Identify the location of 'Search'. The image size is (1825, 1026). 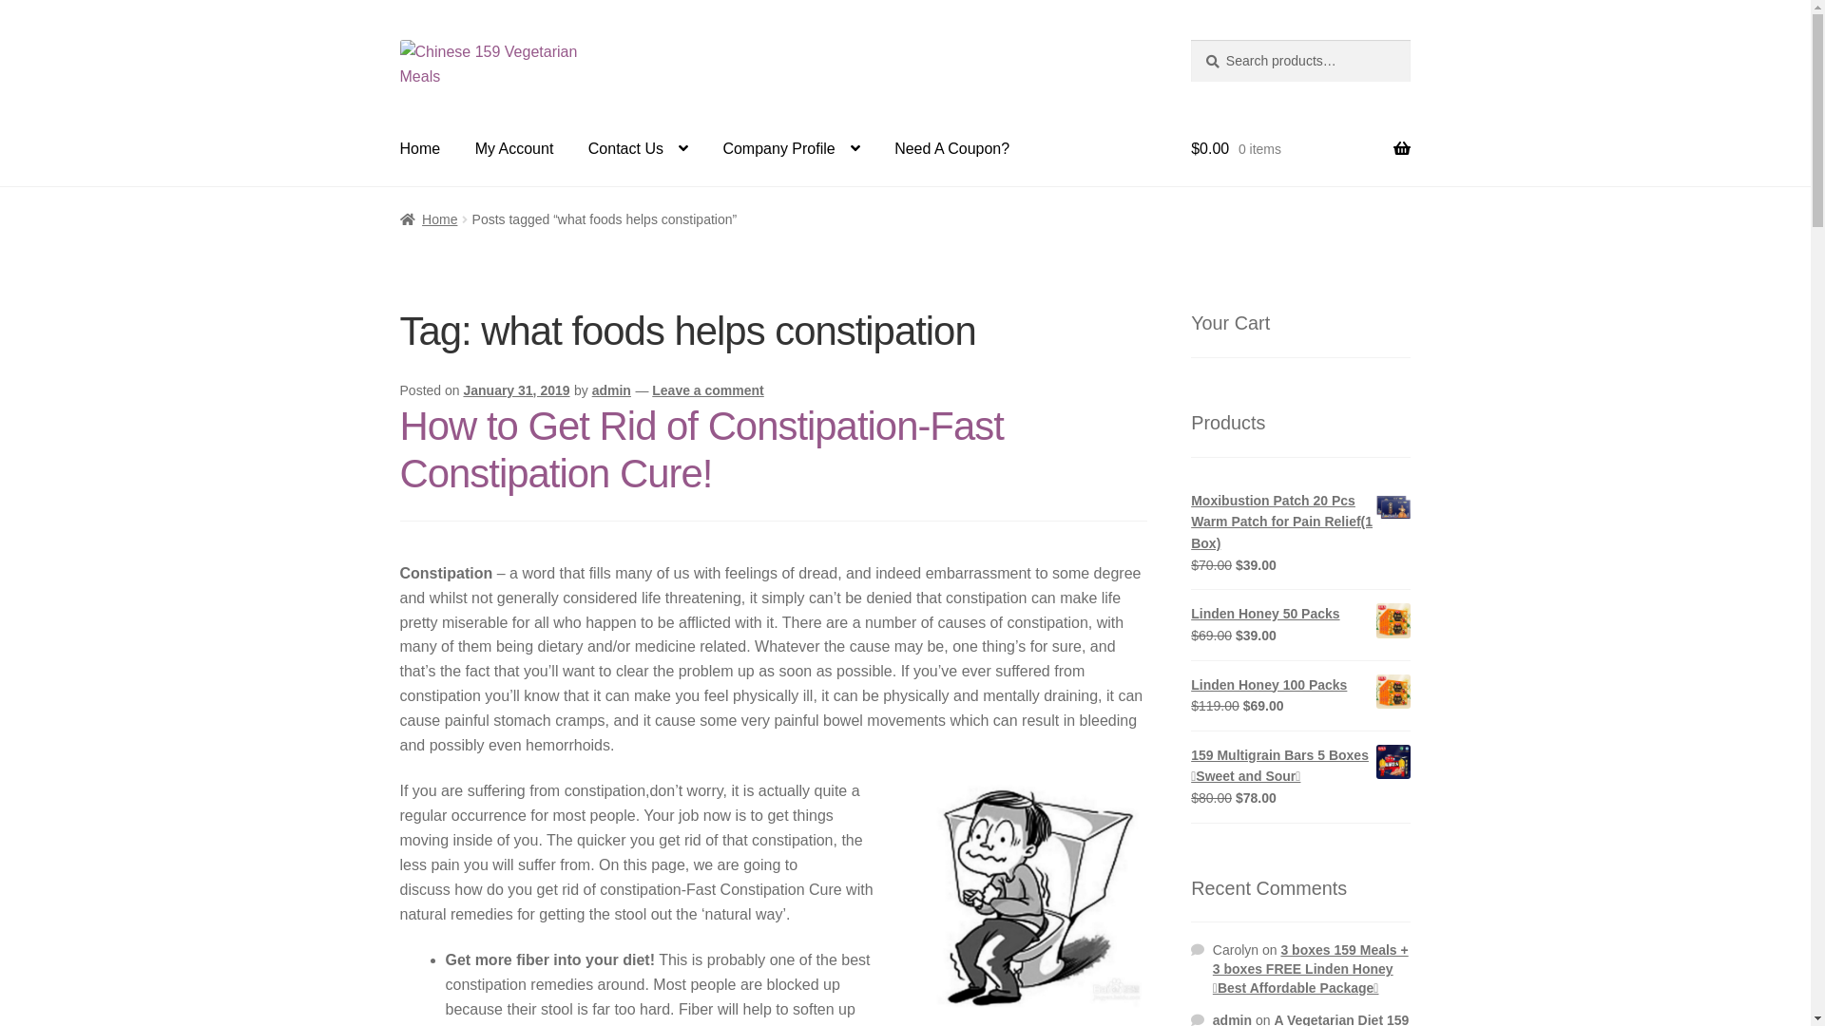
(1189, 39).